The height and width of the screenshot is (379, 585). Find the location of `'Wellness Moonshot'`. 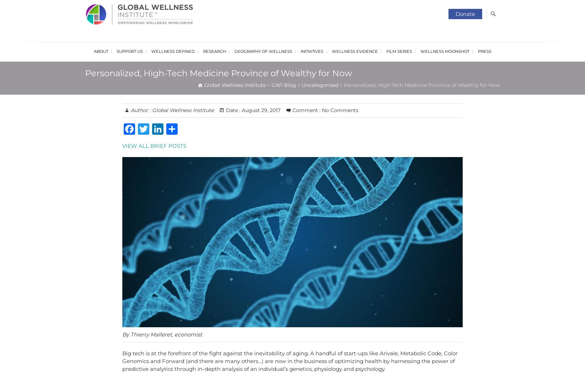

'Wellness Moonshot' is located at coordinates (444, 51).